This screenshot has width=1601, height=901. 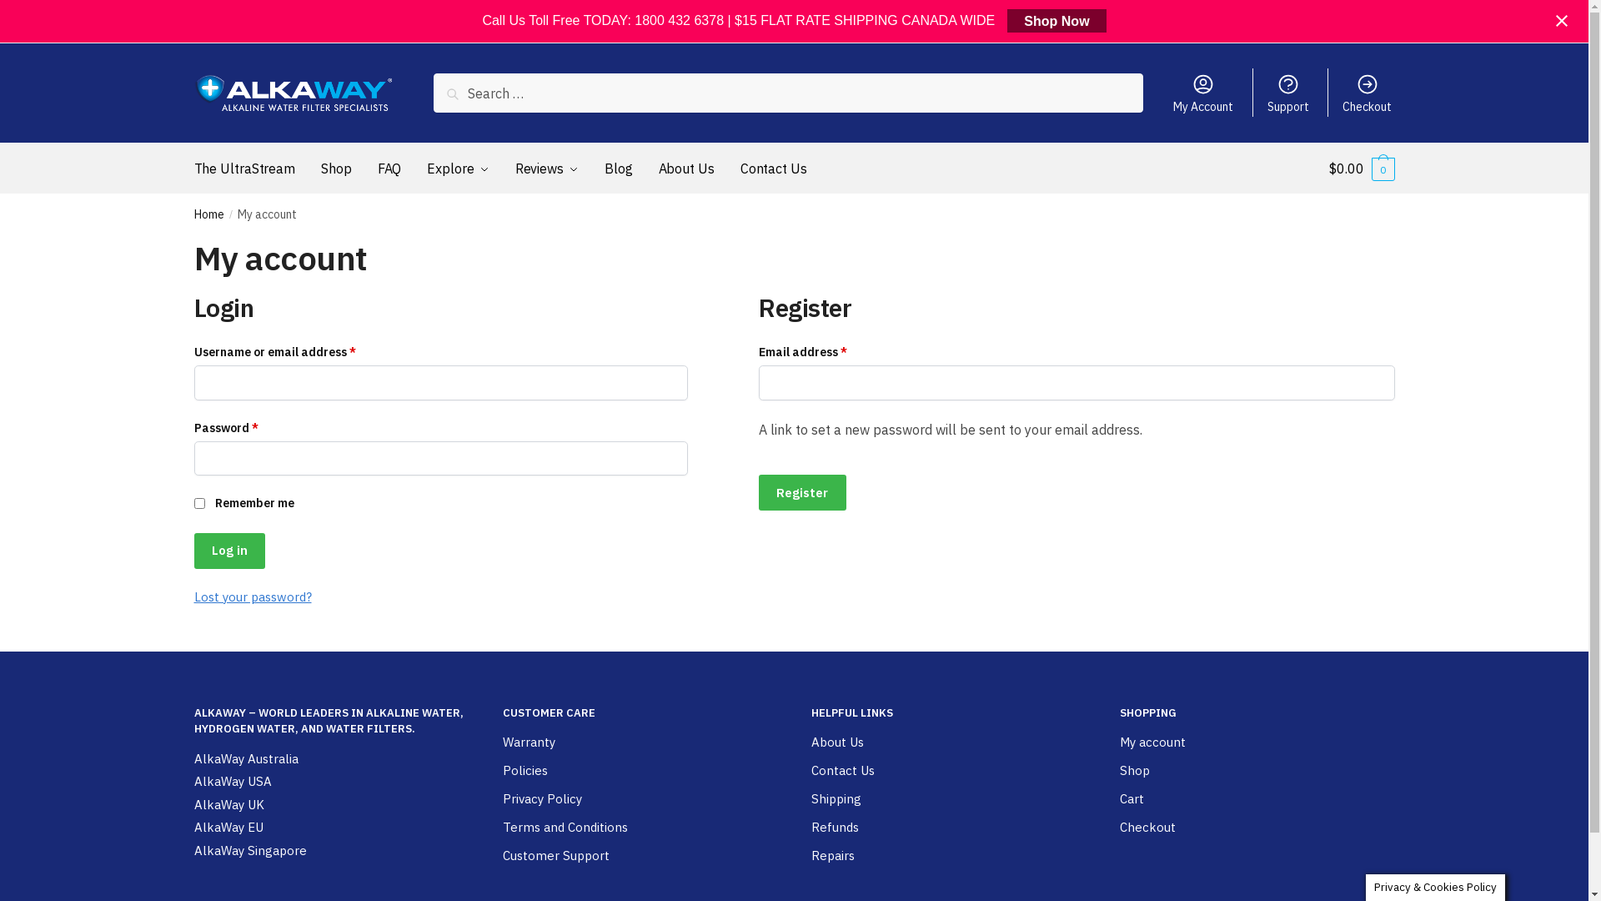 I want to click on 'Checkout', so click(x=1368, y=93).